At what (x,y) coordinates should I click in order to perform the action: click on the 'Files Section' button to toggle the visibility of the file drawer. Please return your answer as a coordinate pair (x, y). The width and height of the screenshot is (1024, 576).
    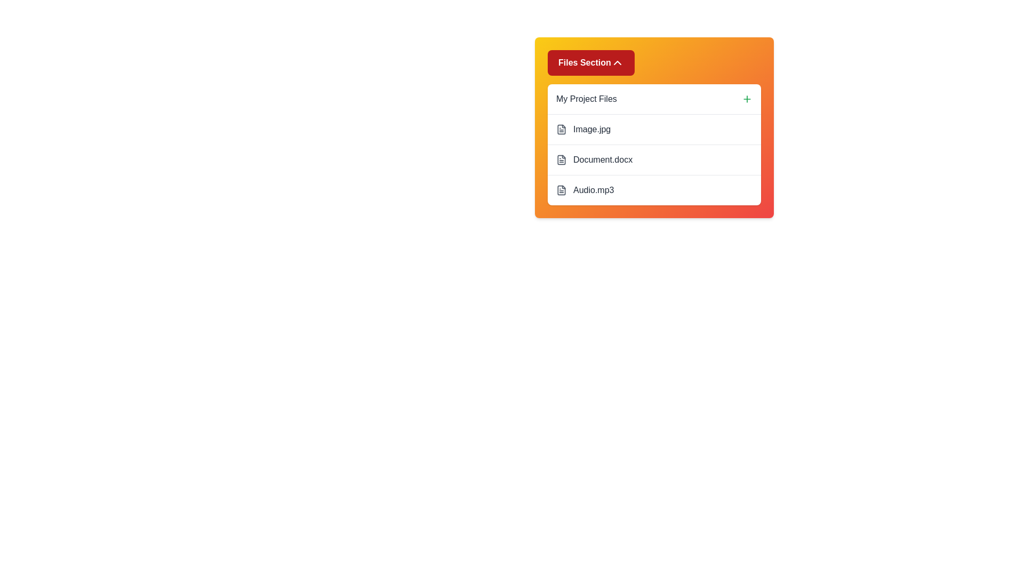
    Looking at the image, I should click on (590, 63).